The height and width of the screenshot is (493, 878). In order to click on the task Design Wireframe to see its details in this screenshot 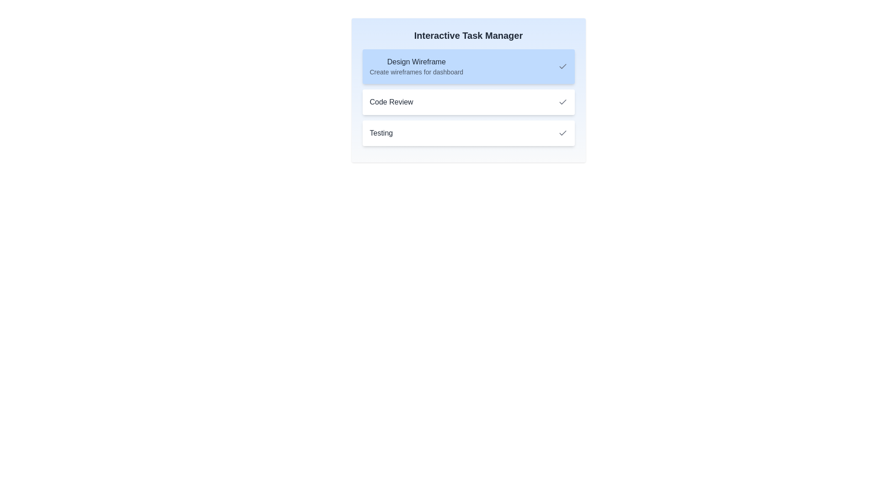, I will do `click(468, 66)`.